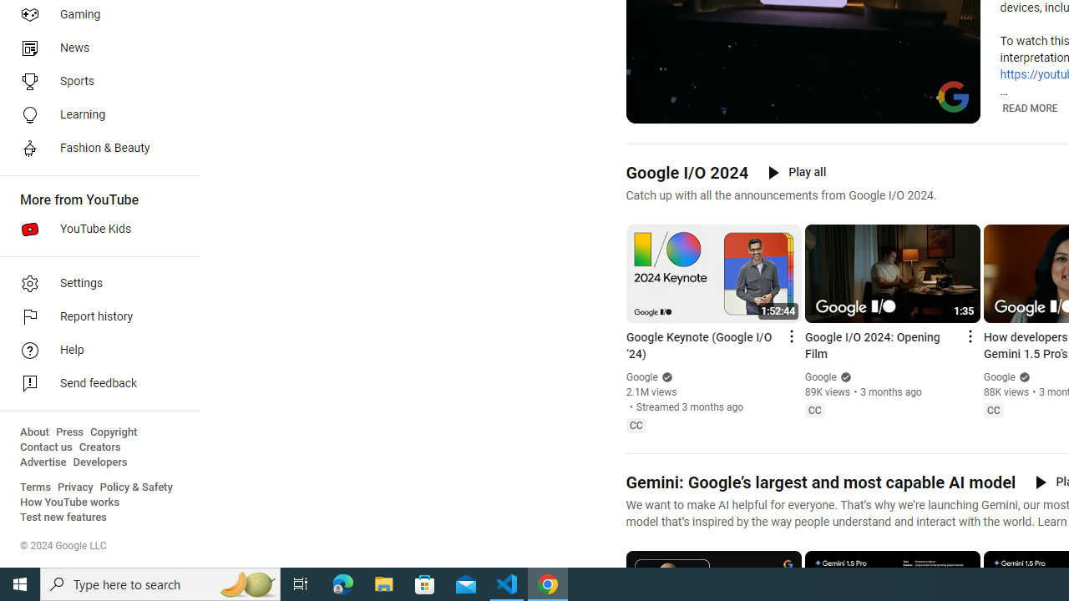 The width and height of the screenshot is (1069, 601). I want to click on 'Send feedback', so click(94, 384).